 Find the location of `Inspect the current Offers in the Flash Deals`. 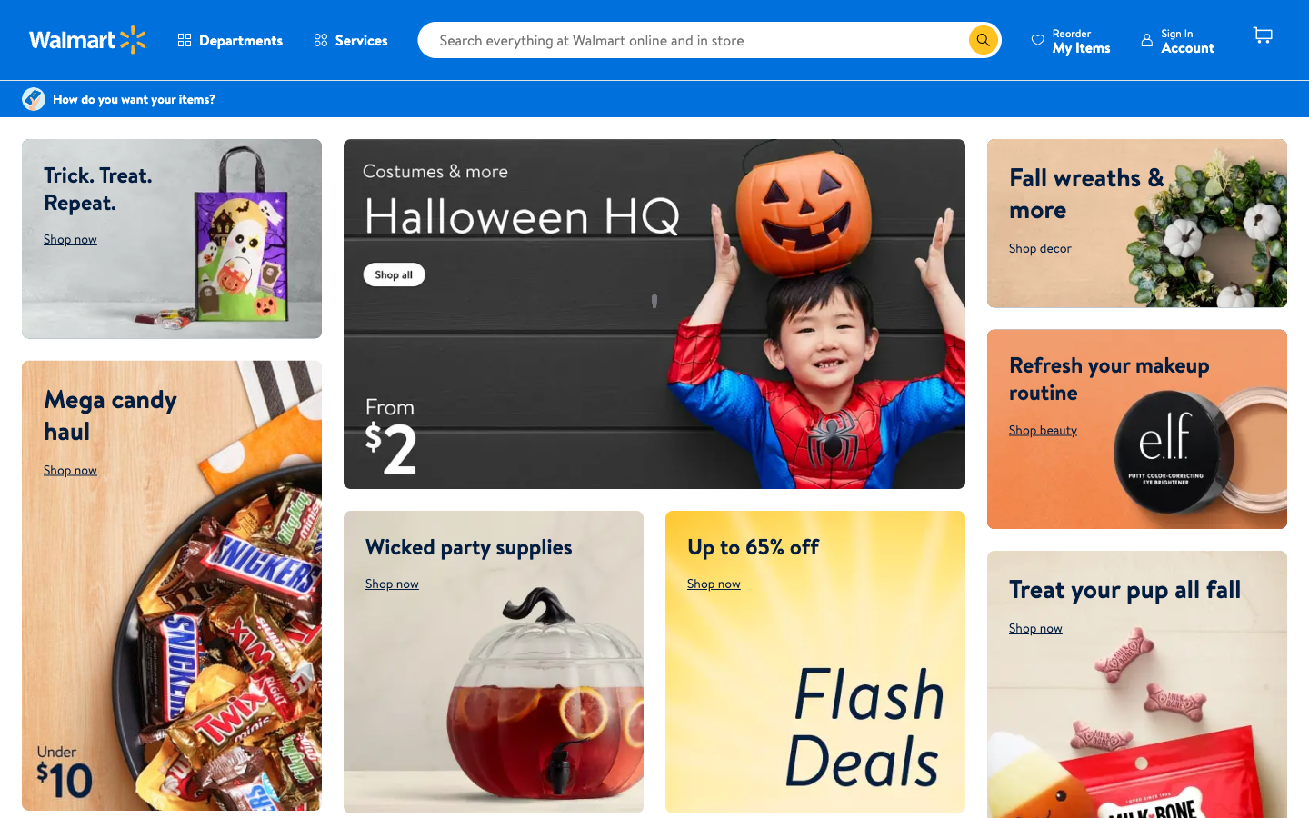

Inspect the current Offers in the Flash Deals is located at coordinates (814, 661).